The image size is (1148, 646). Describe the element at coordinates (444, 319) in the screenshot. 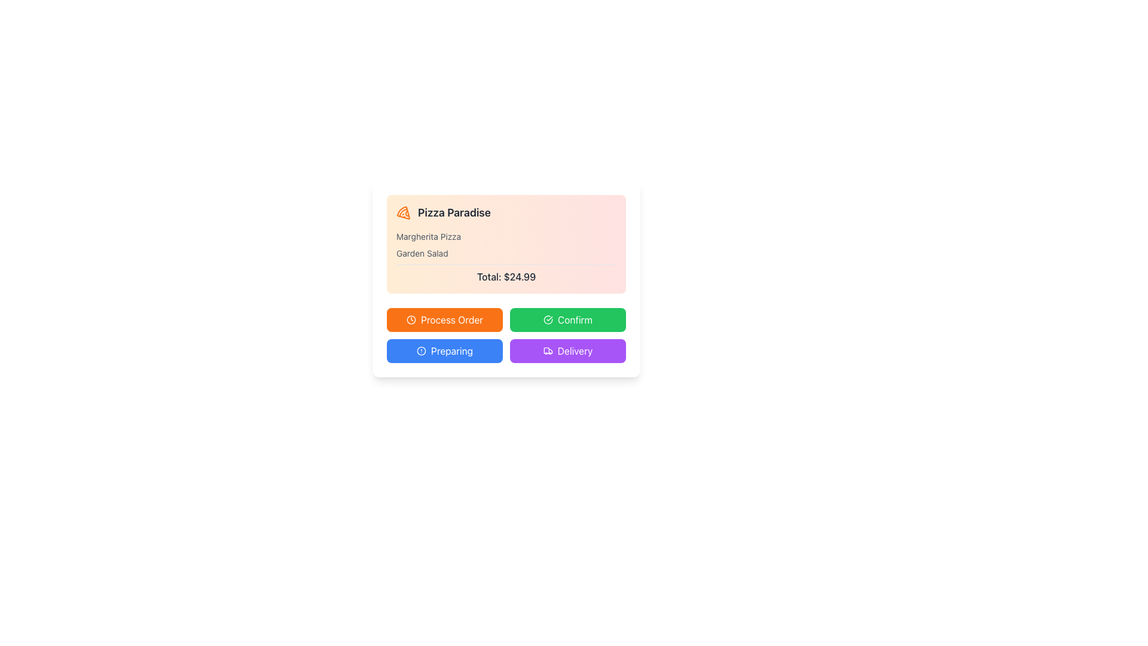

I see `the order processing button located` at that location.